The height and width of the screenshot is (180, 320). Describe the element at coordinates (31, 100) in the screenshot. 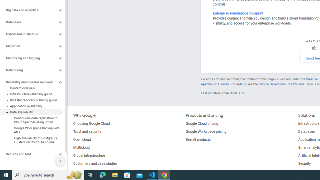

I see `'Disaster recovery planning guide'` at that location.